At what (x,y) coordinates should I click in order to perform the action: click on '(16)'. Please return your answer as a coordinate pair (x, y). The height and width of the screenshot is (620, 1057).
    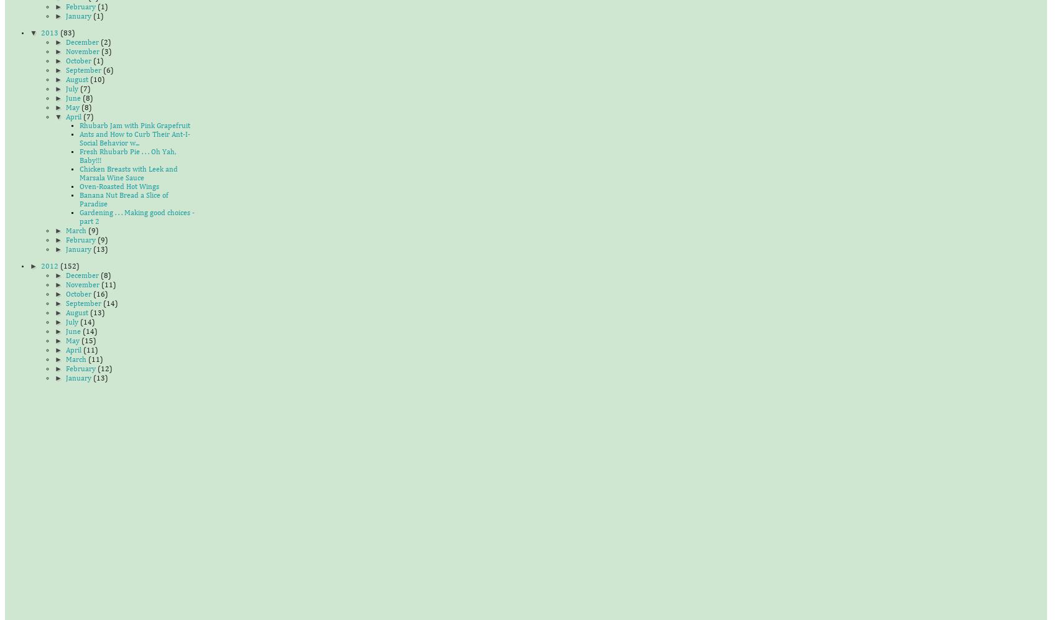
    Looking at the image, I should click on (99, 294).